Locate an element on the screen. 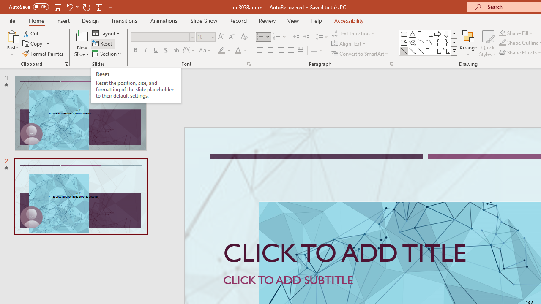 This screenshot has height=304, width=541. 'Justify' is located at coordinates (291, 50).